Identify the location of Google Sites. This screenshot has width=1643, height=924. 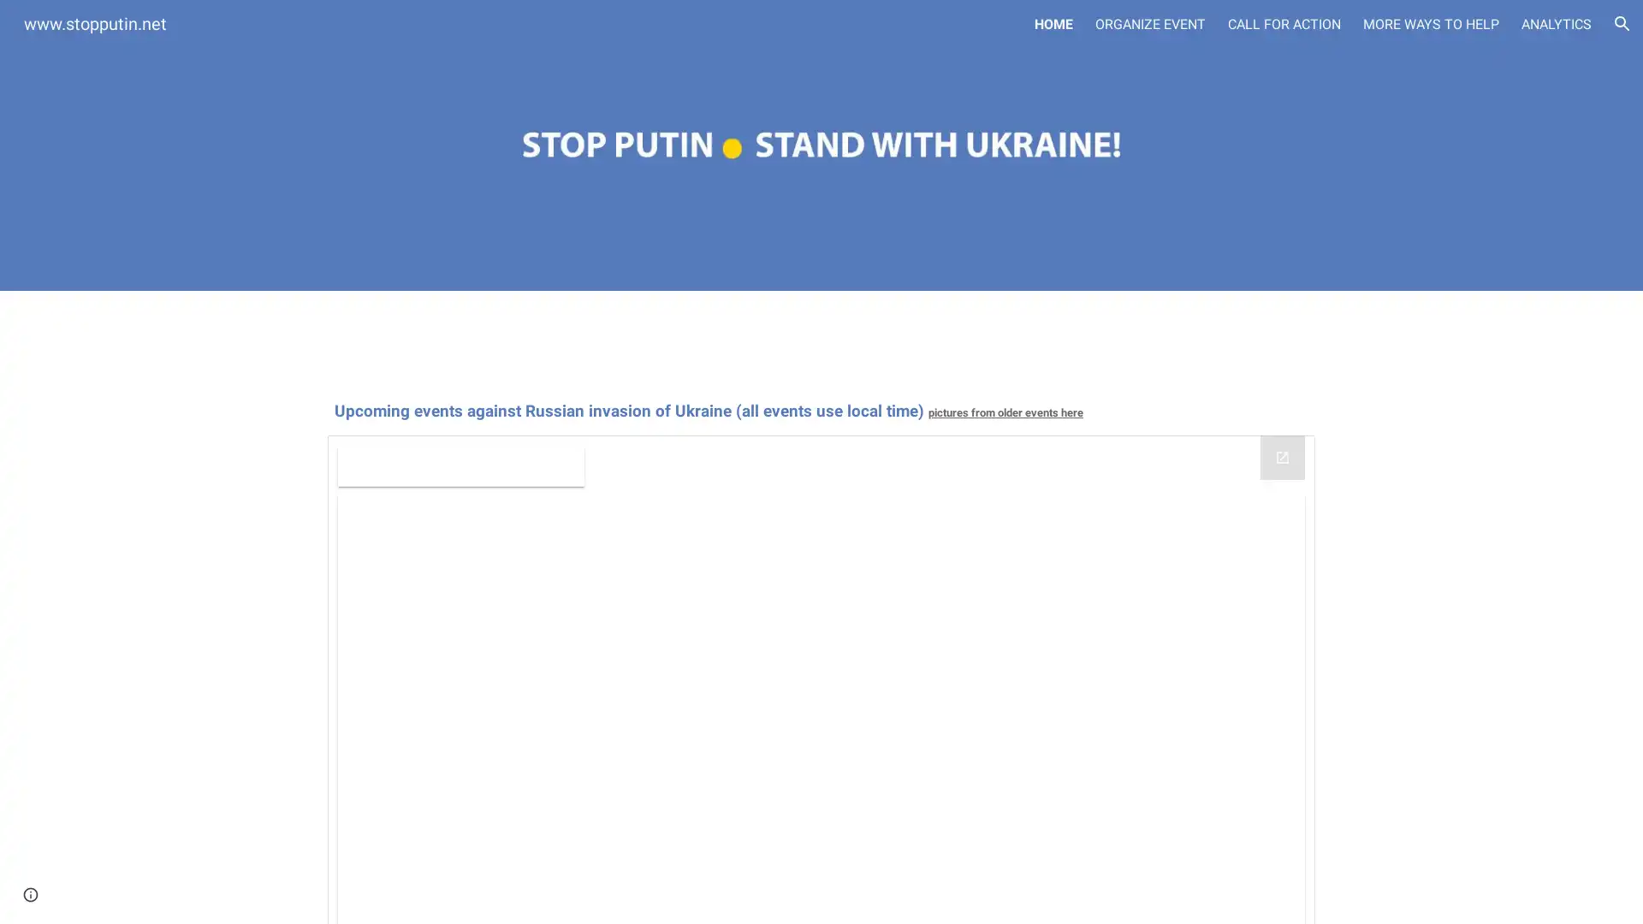
(132, 893).